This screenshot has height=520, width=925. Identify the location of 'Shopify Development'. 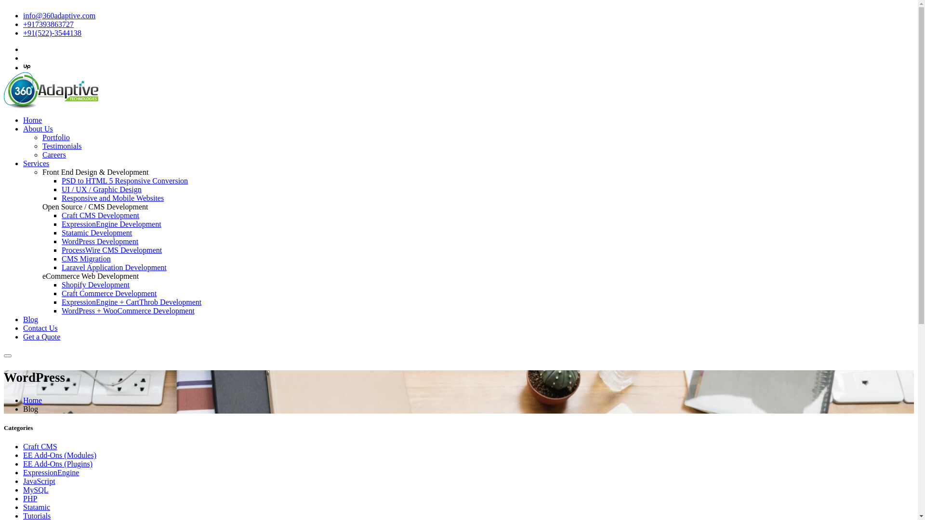
(95, 284).